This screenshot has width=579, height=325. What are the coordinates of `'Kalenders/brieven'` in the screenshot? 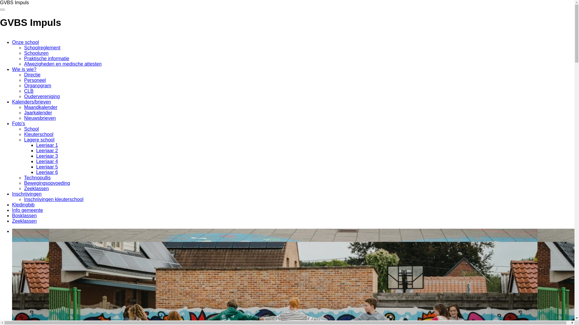 It's located at (31, 101).